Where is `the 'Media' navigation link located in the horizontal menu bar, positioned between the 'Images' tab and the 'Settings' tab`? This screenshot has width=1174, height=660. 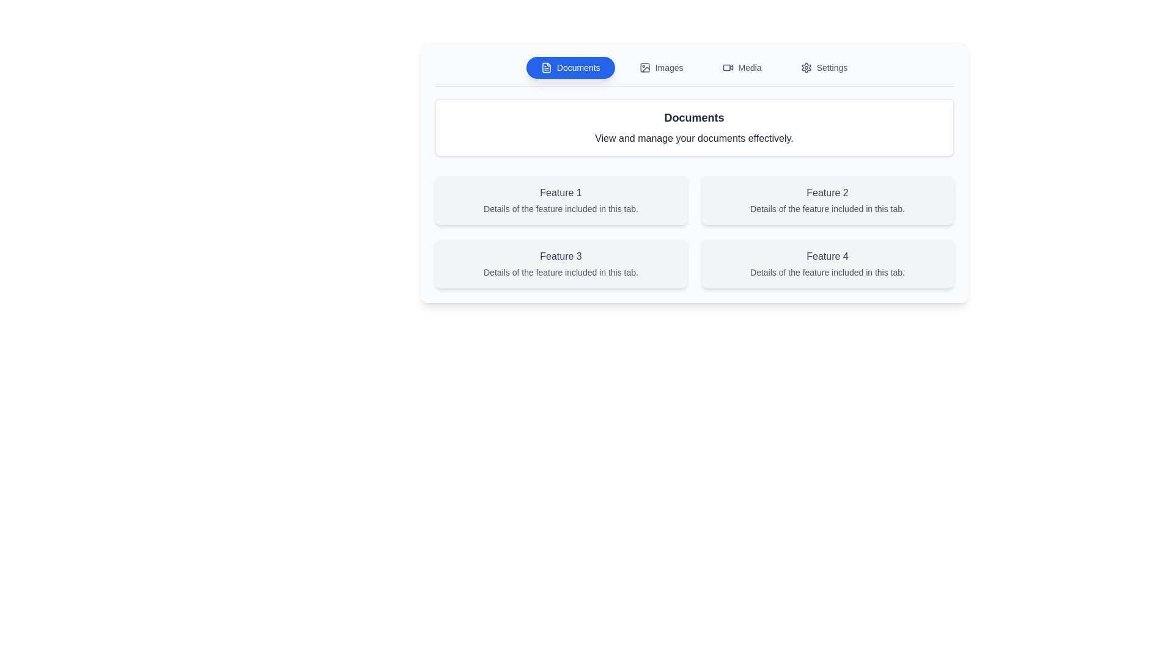
the 'Media' navigation link located in the horizontal menu bar, positioned between the 'Images' tab and the 'Settings' tab is located at coordinates (749, 68).